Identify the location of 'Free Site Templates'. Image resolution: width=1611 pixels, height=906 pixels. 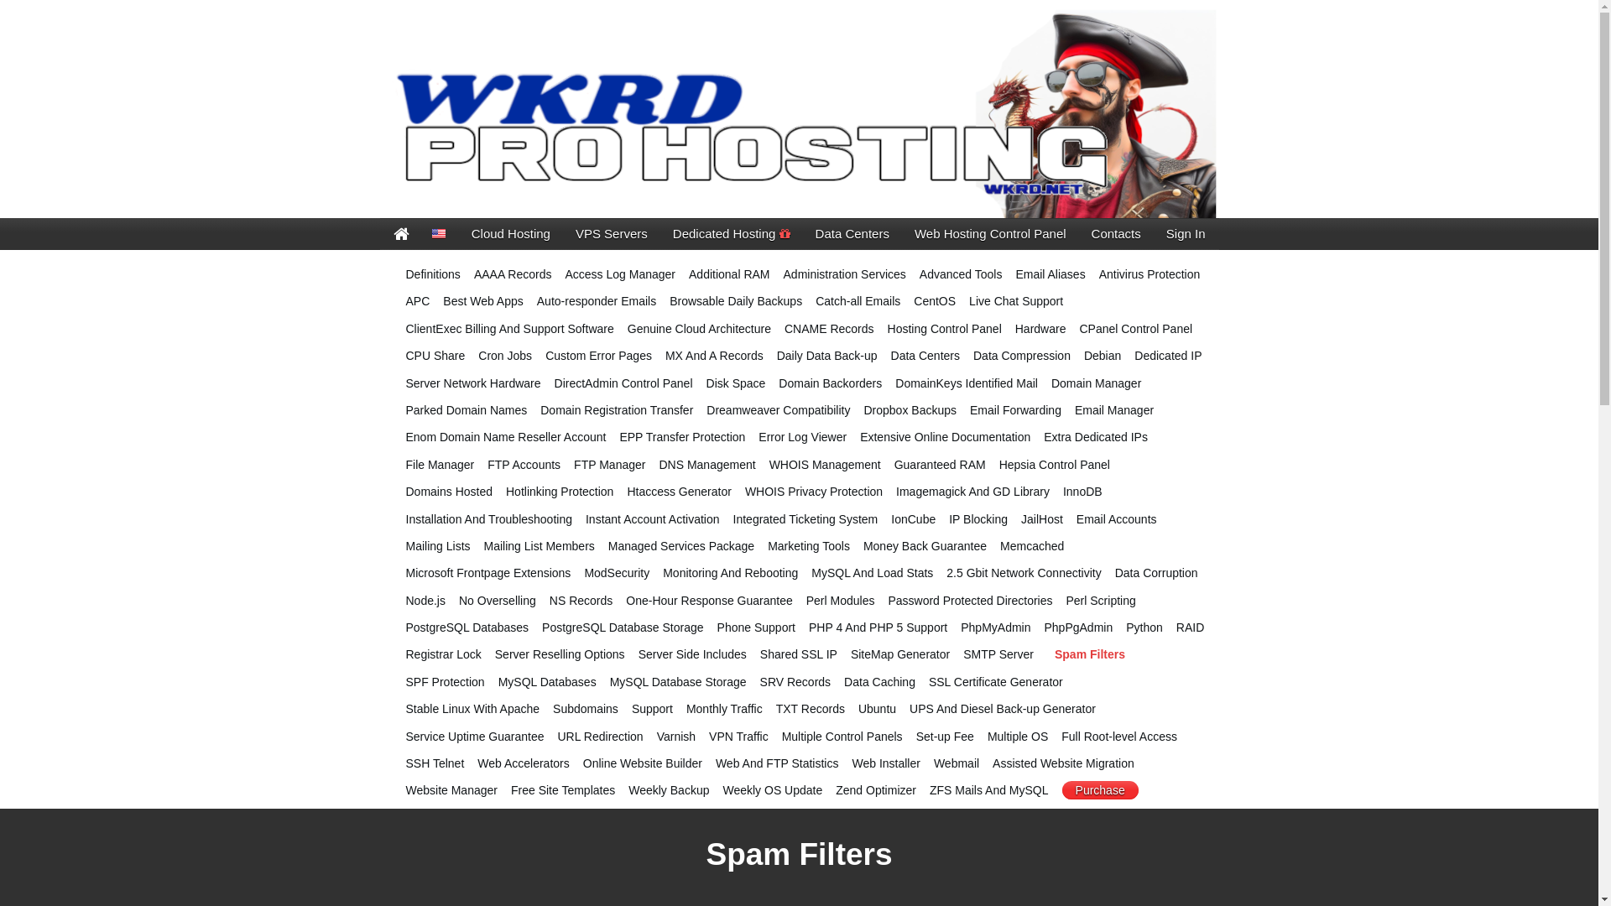
(563, 789).